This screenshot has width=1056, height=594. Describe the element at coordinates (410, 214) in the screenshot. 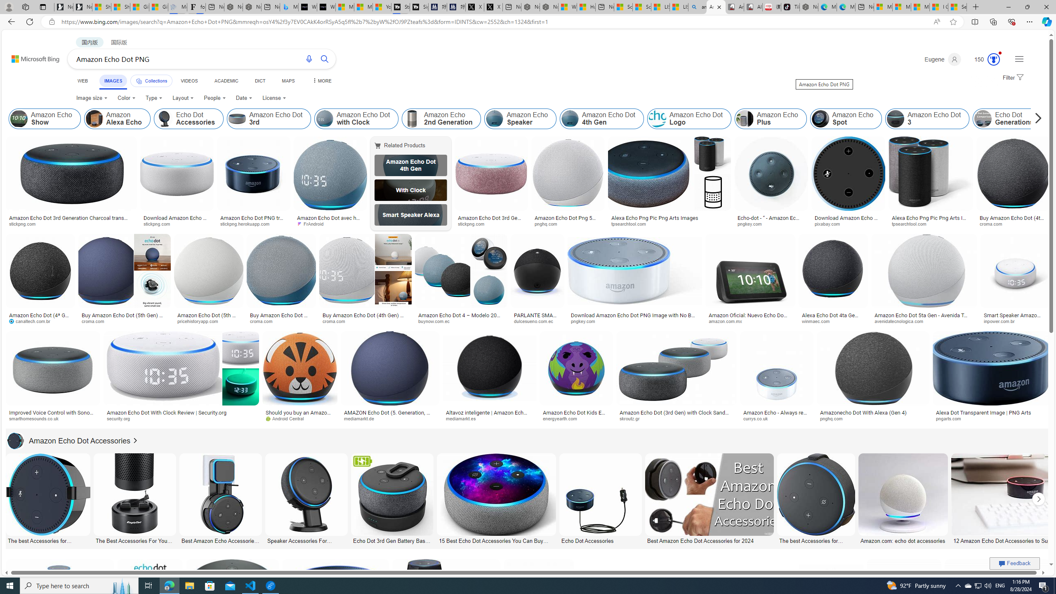

I see `'Smart Speaker Alexa Echo Dot'` at that location.